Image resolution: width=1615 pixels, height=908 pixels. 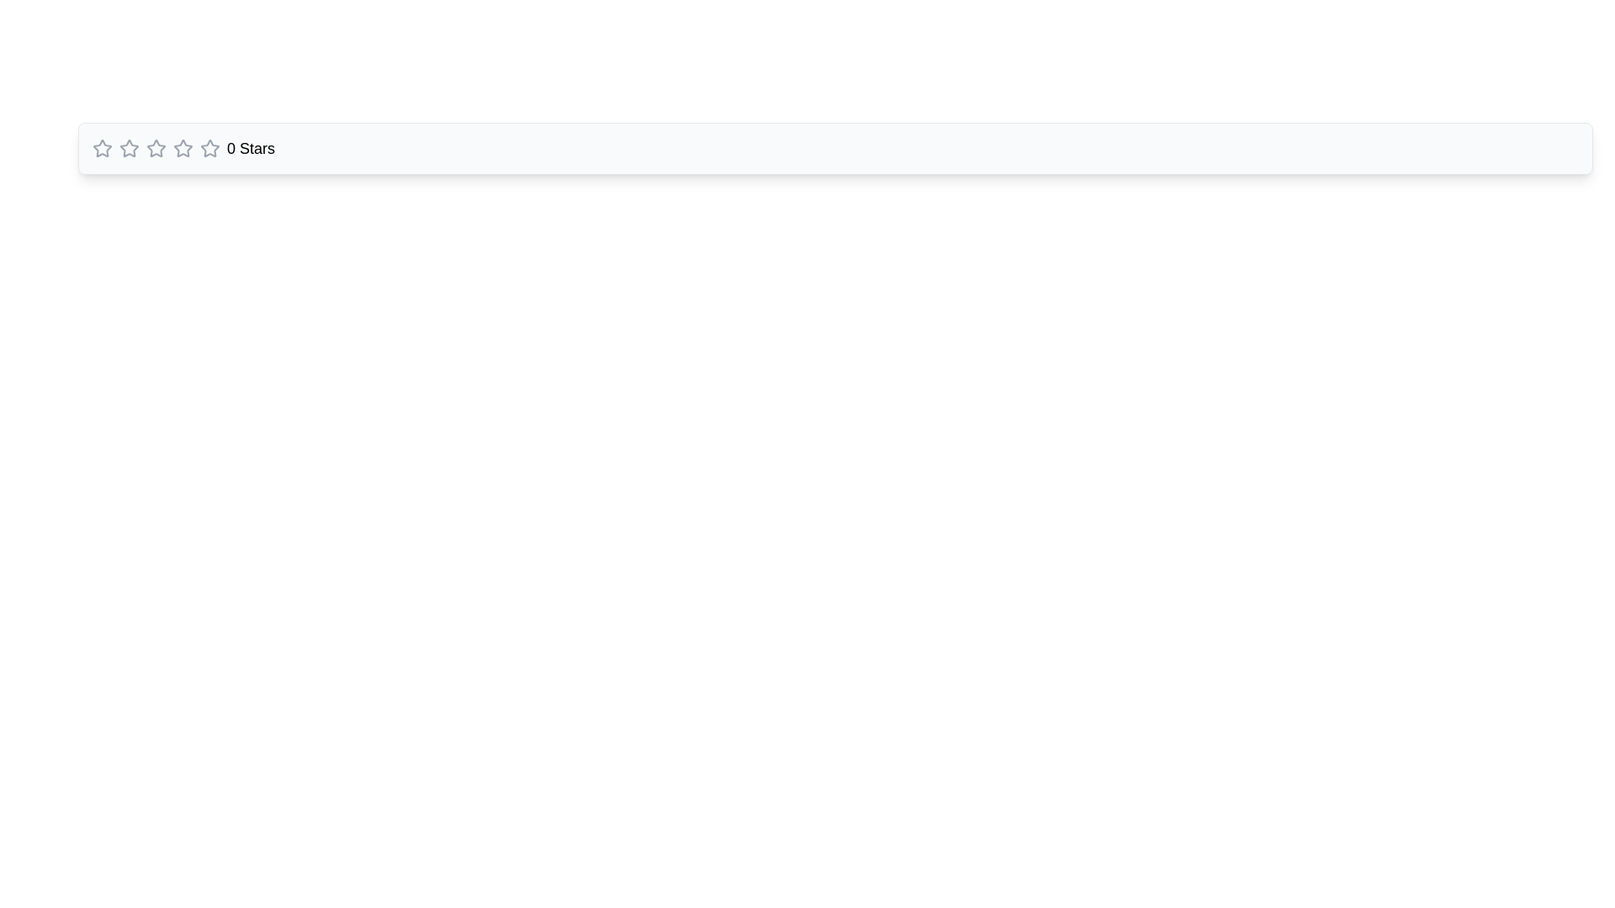 I want to click on the rating display element that visually communicates a rating value of zero, located within the upper portion of the interface for accessibility purposes, so click(x=835, y=148).